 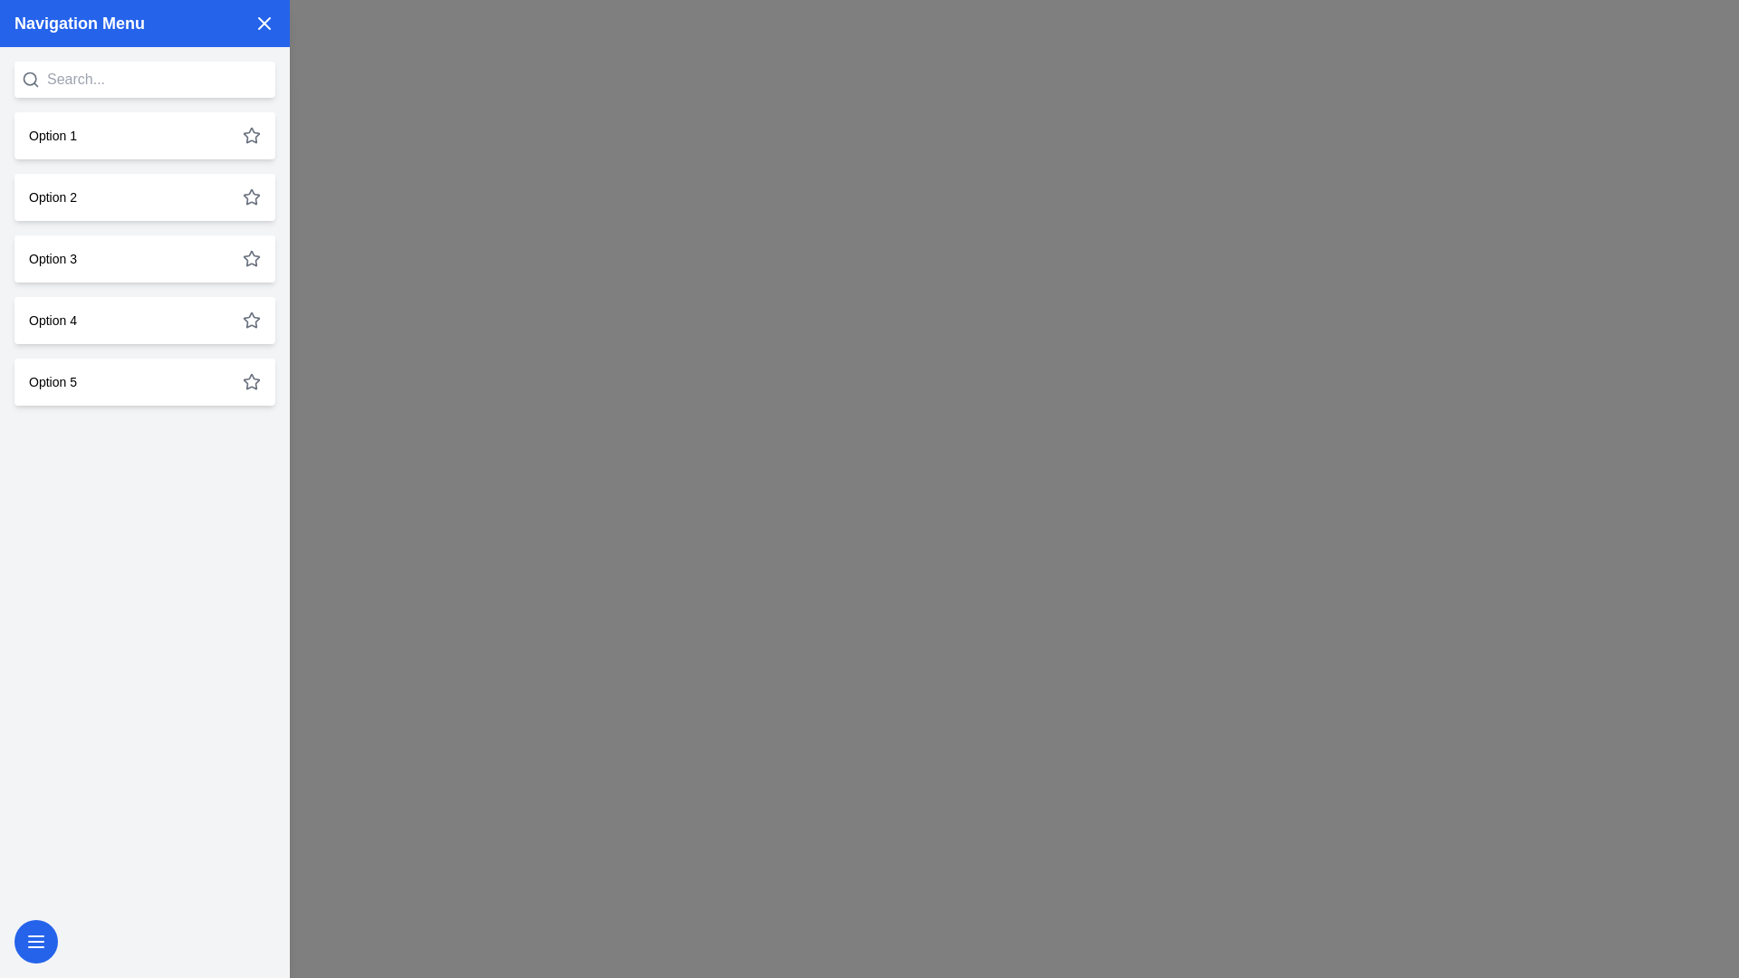 What do you see at coordinates (251, 197) in the screenshot?
I see `the star icon in the second item of the vertical list` at bounding box center [251, 197].